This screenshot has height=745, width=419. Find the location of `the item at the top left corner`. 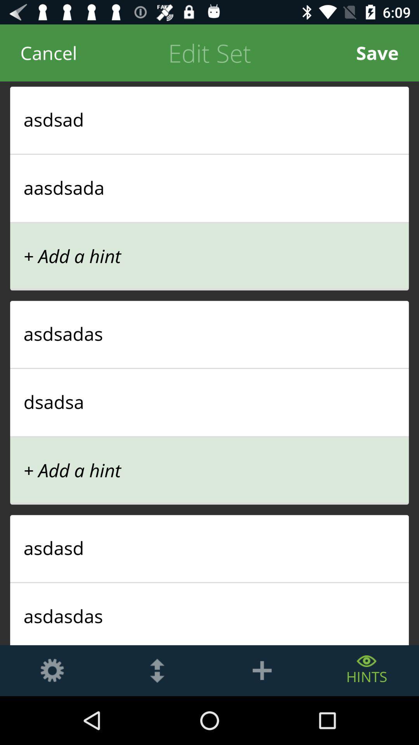

the item at the top left corner is located at coordinates (48, 52).